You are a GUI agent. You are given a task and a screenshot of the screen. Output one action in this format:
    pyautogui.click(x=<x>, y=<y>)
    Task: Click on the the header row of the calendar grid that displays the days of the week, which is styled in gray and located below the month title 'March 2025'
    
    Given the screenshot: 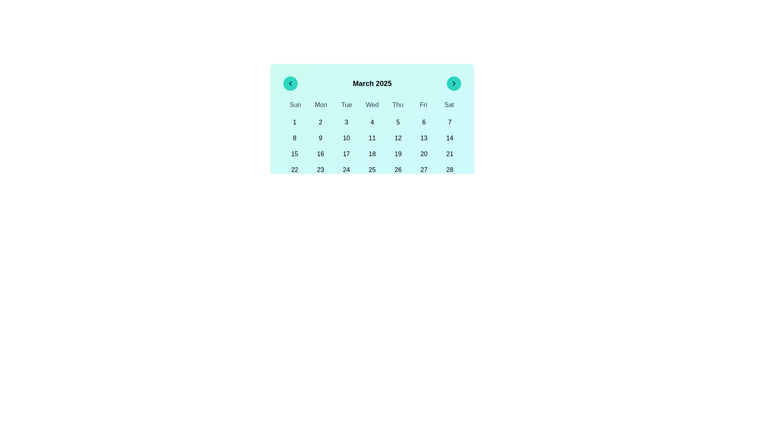 What is the action you would take?
    pyautogui.click(x=371, y=105)
    